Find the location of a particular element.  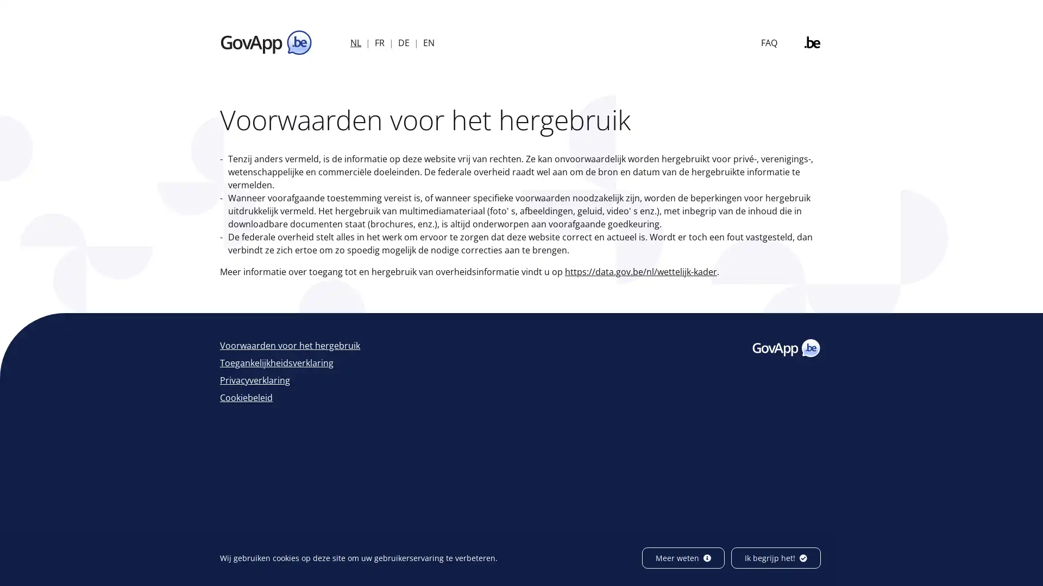

Ik begrijp het! is located at coordinates (775, 558).